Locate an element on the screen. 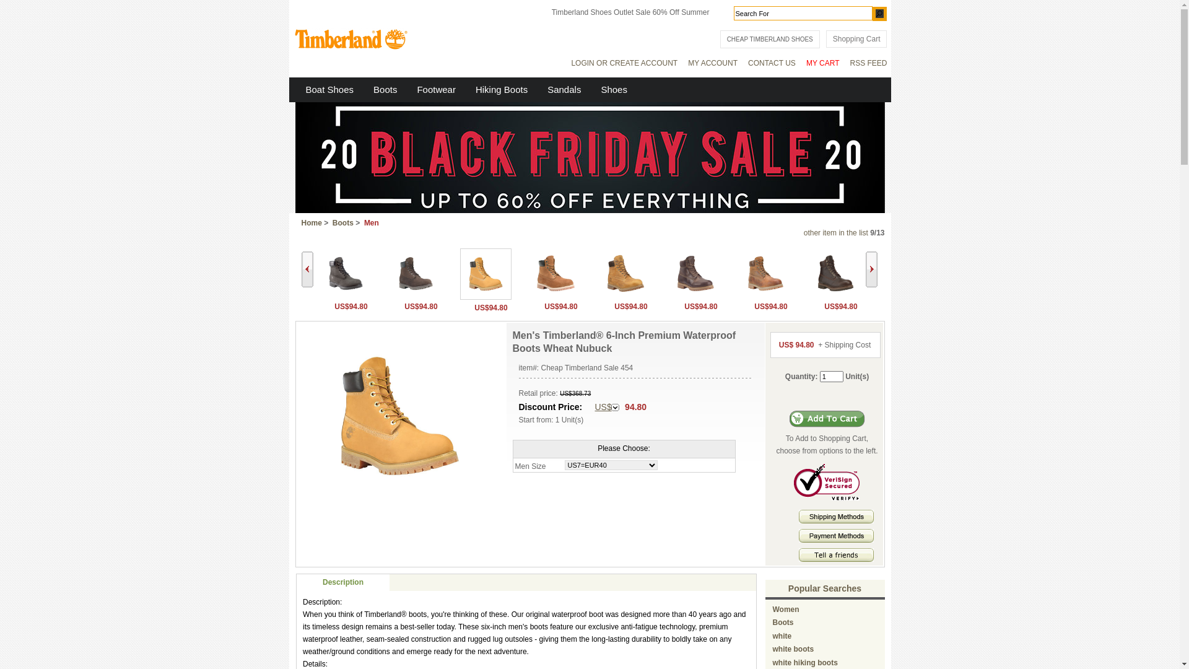 Image resolution: width=1189 pixels, height=669 pixels. 'Boots' is located at coordinates (783, 623).